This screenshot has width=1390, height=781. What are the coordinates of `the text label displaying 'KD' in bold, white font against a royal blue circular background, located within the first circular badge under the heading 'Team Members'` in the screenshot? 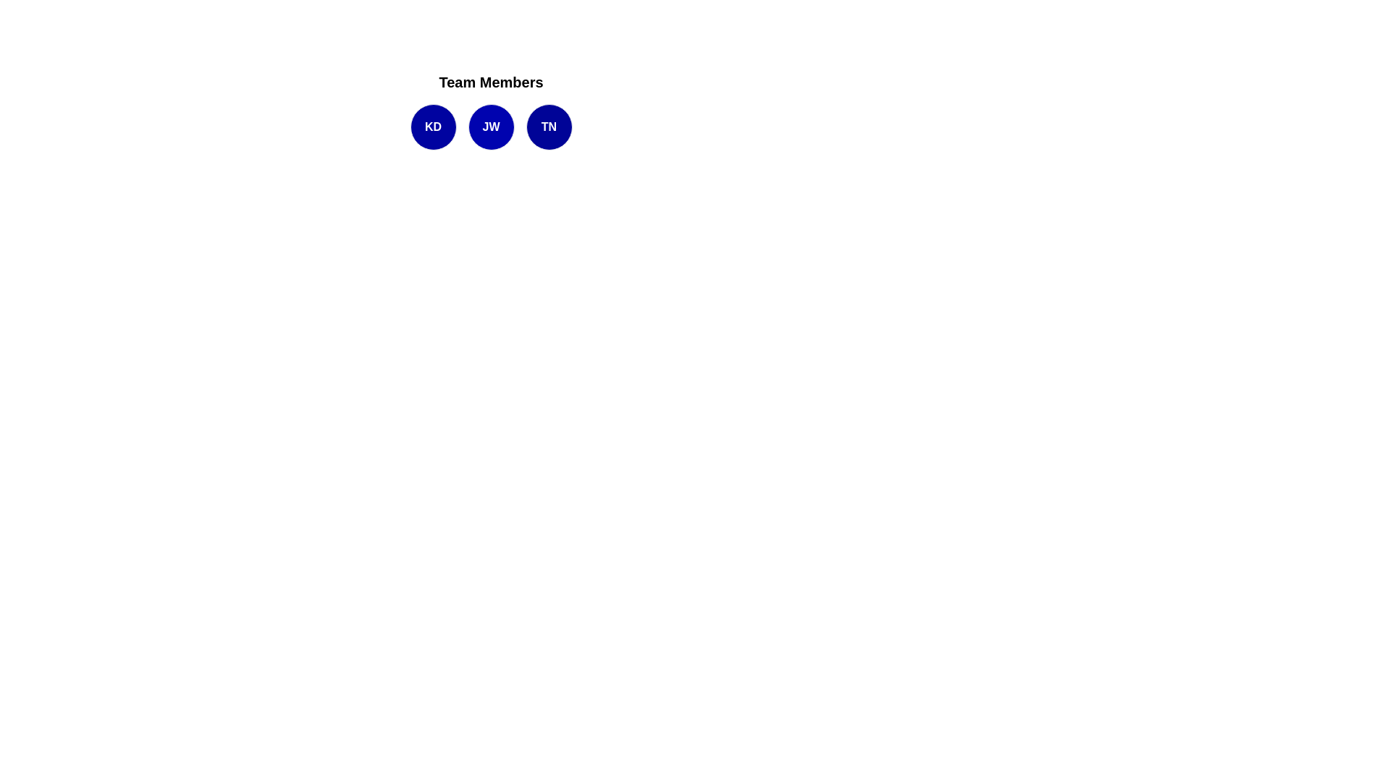 It's located at (432, 127).